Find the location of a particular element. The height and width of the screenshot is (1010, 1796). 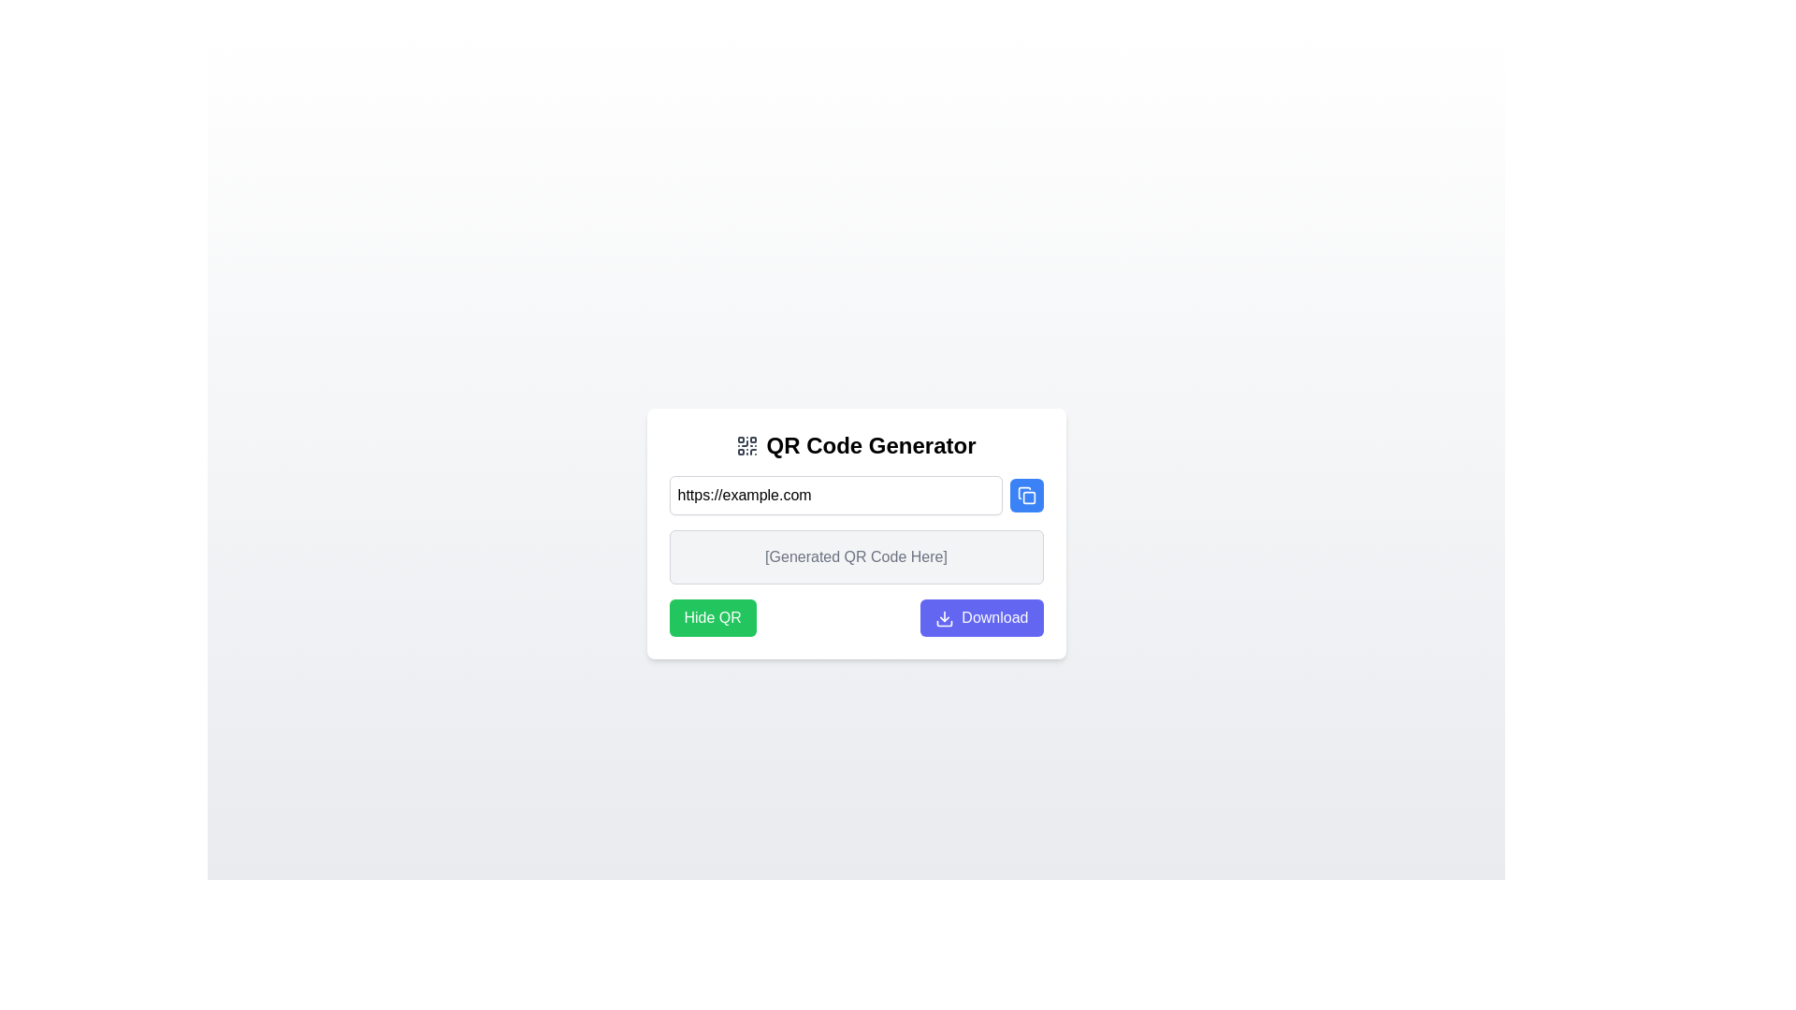

the 'QR Code Generator' text label with an icon component is located at coordinates (855, 446).